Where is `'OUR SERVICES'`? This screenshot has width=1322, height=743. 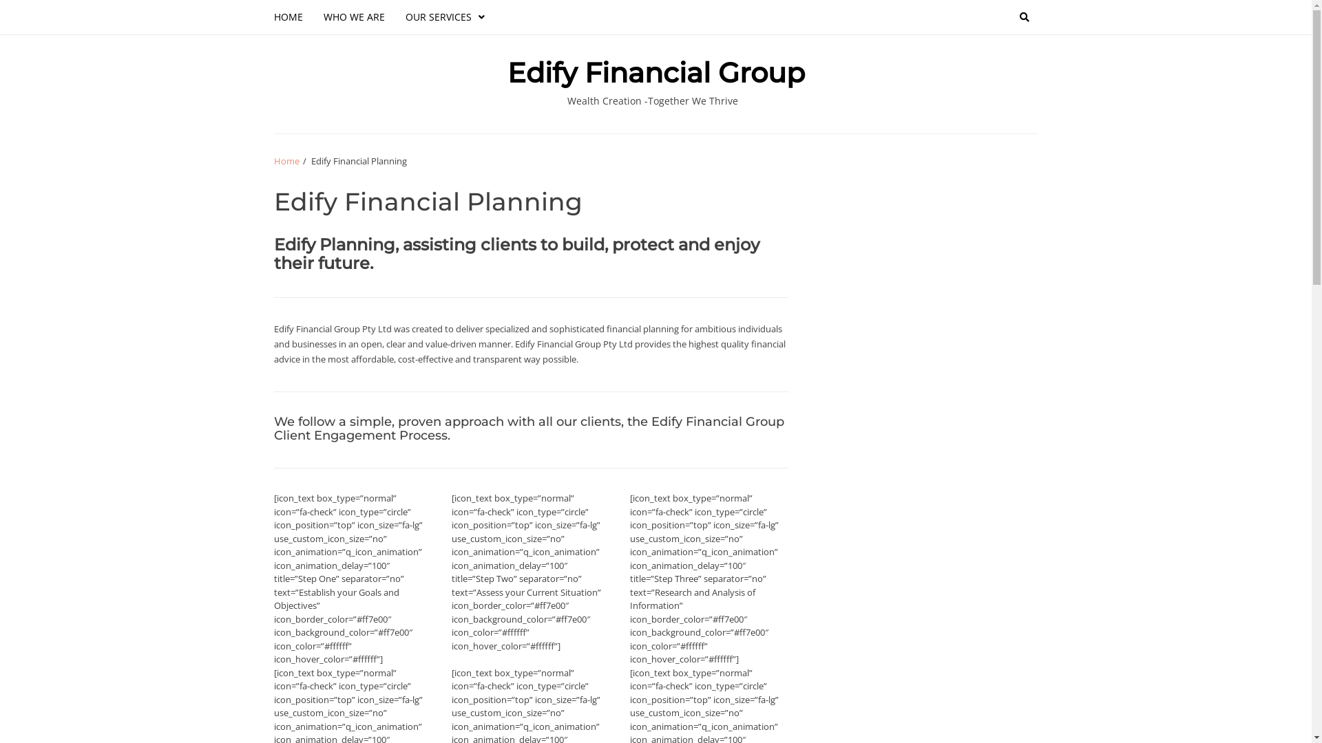 'OUR SERVICES' is located at coordinates (445, 17).